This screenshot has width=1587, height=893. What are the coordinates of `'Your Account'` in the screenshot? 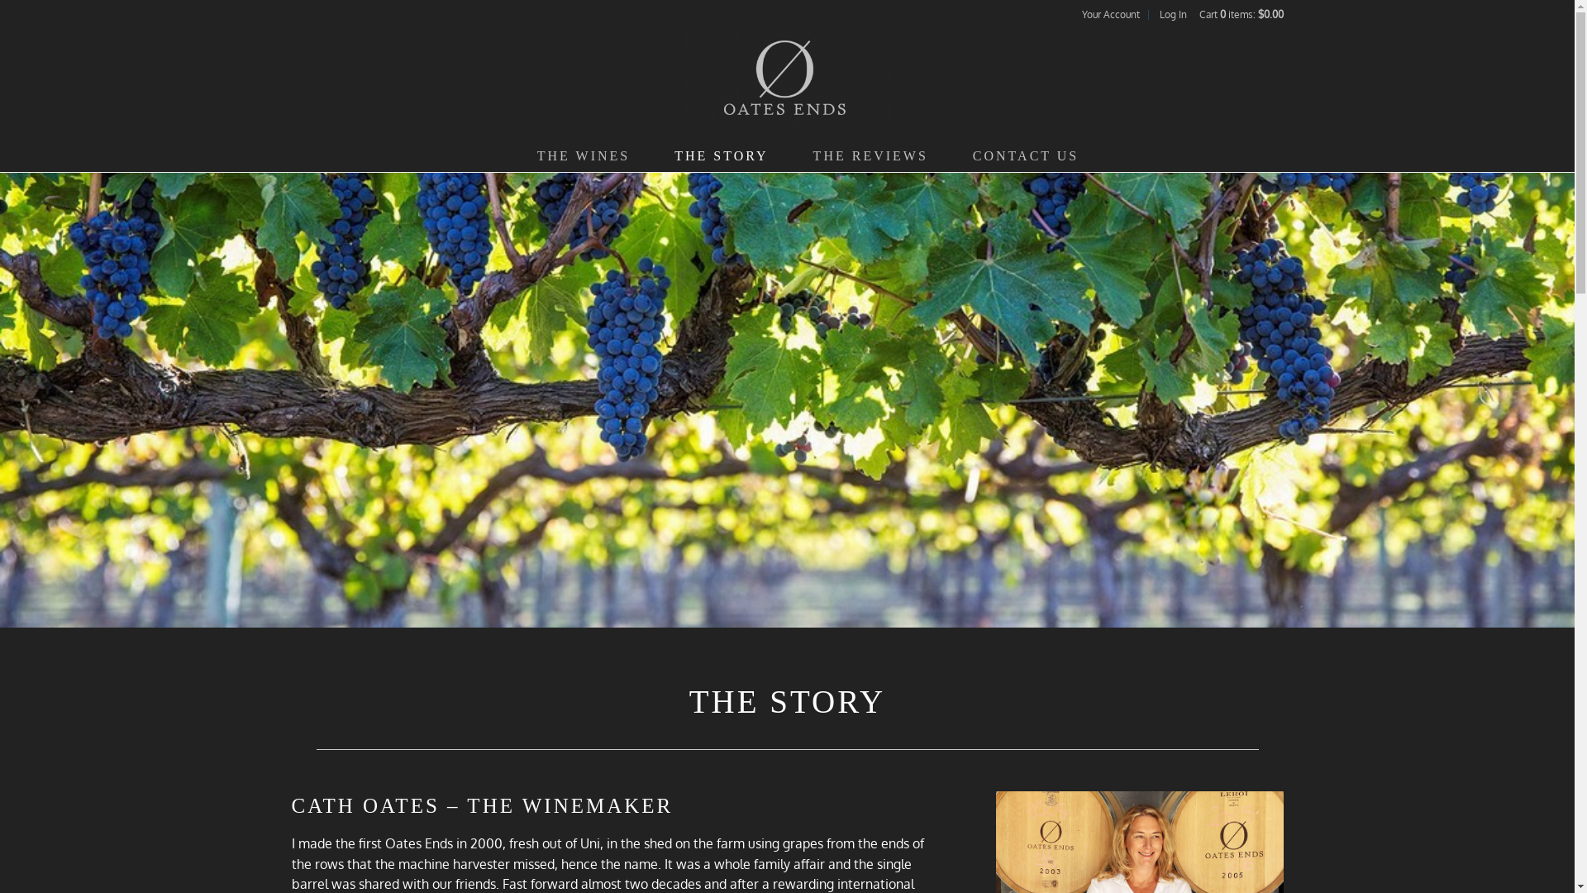 It's located at (1110, 14).